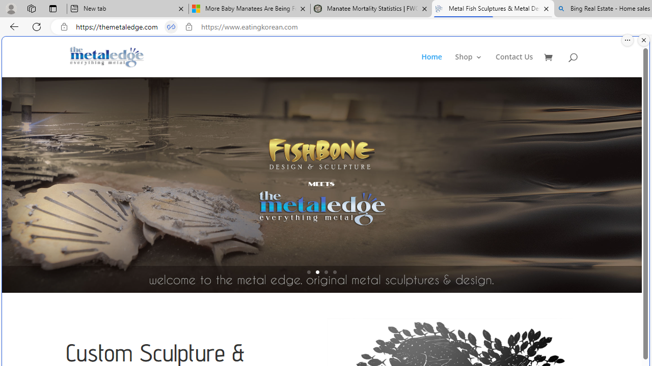 The image size is (652, 366). I want to click on 'Manatee Mortality Statistics | FWC', so click(371, 9).